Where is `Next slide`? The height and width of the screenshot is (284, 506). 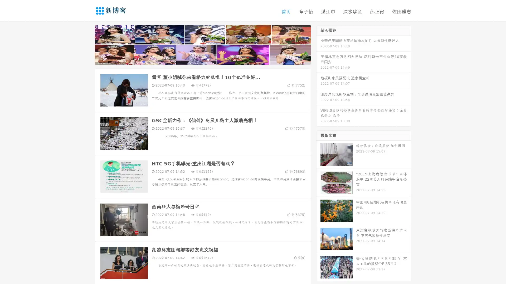
Next slide is located at coordinates (318, 44).